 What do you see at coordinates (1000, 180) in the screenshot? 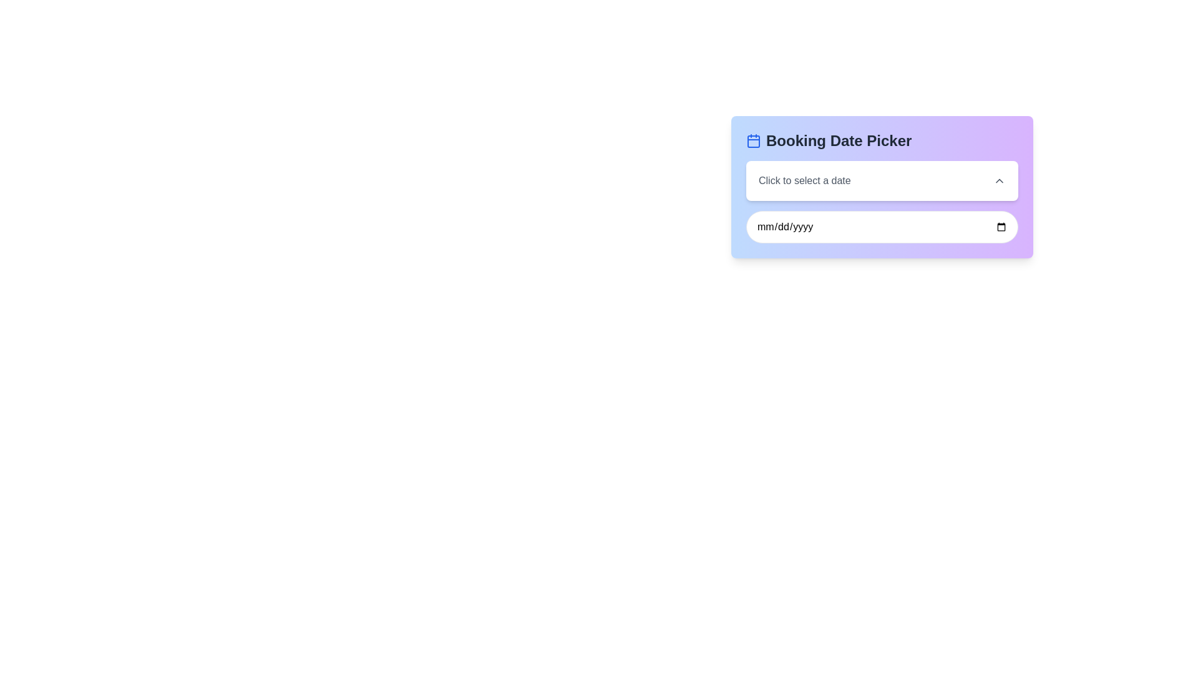
I see `the upward-pointing chevron icon located on the right side of the 'Click` at bounding box center [1000, 180].